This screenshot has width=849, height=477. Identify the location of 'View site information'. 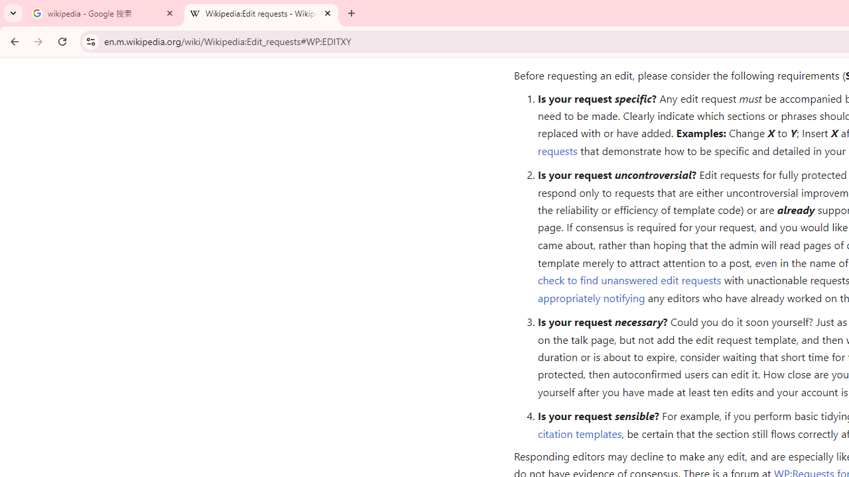
(90, 40).